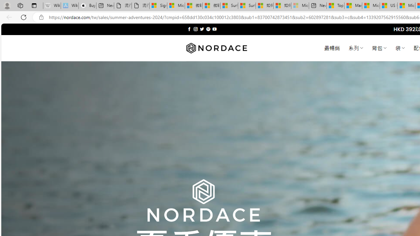 This screenshot has height=236, width=420. What do you see at coordinates (353, 6) in the screenshot?
I see `'Marine life - MSN'` at bounding box center [353, 6].